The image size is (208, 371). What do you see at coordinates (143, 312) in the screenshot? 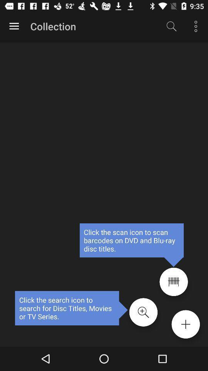
I see `the search icon` at bounding box center [143, 312].